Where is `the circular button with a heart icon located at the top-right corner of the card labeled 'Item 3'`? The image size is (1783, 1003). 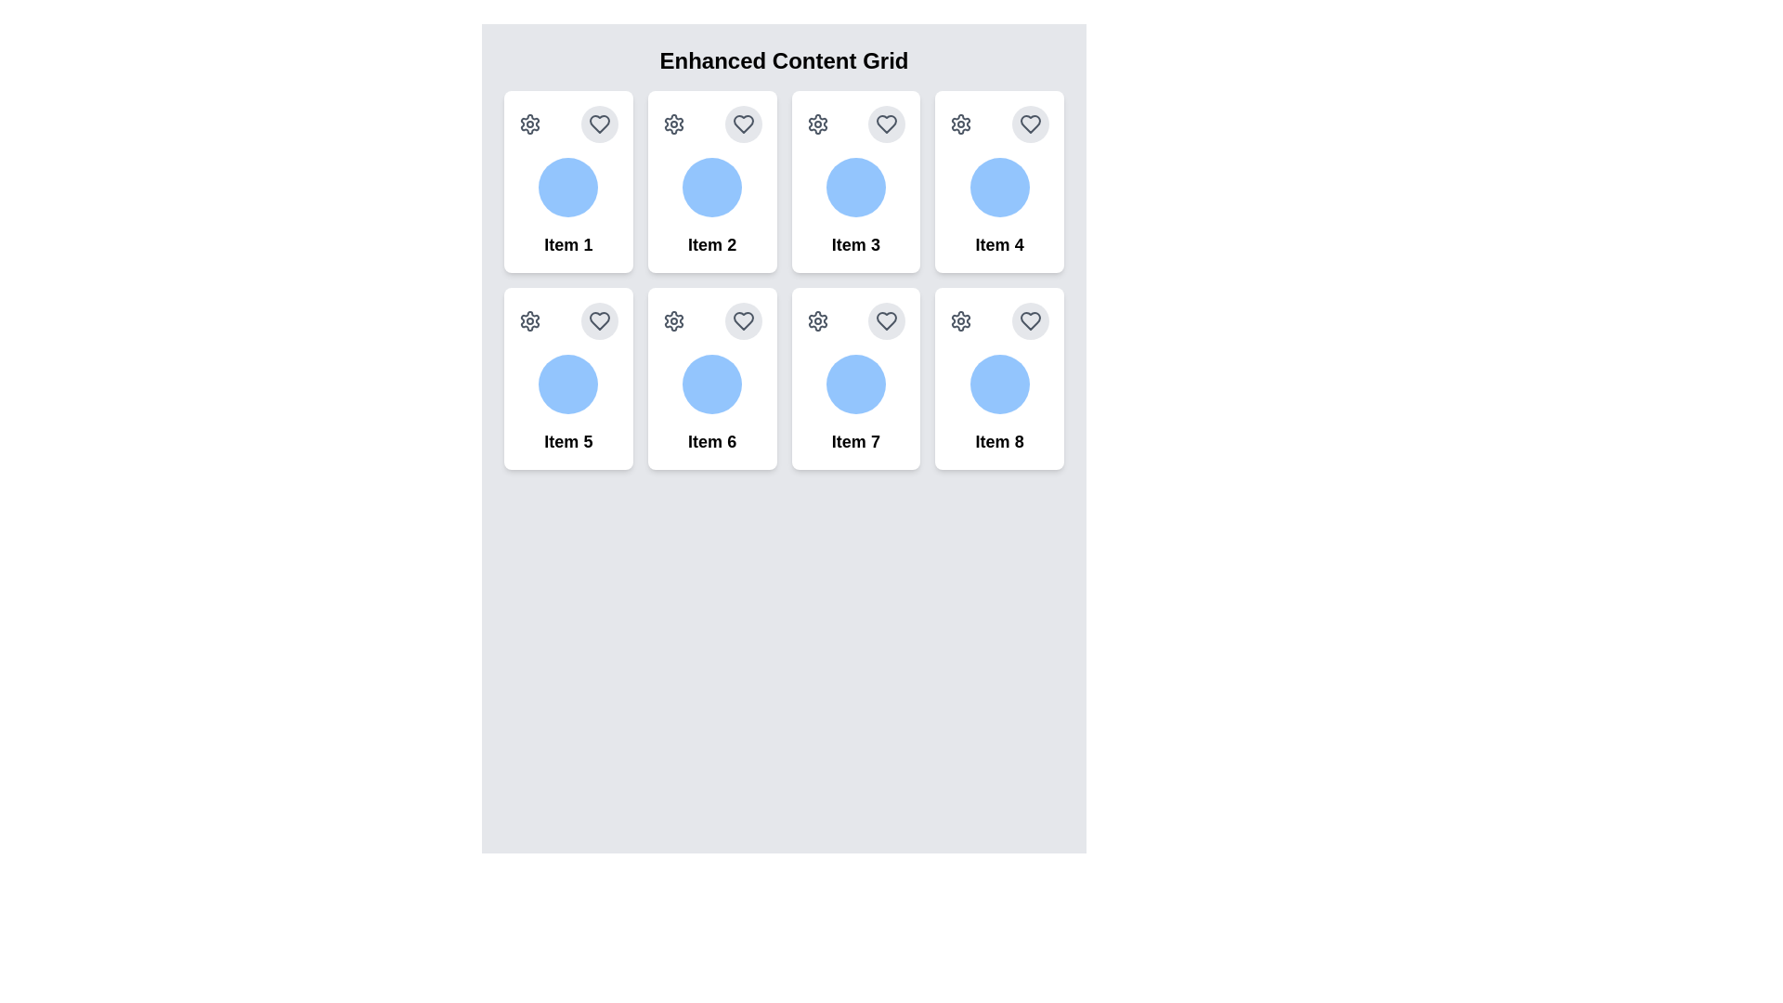 the circular button with a heart icon located at the top-right corner of the card labeled 'Item 3' is located at coordinates (886, 124).